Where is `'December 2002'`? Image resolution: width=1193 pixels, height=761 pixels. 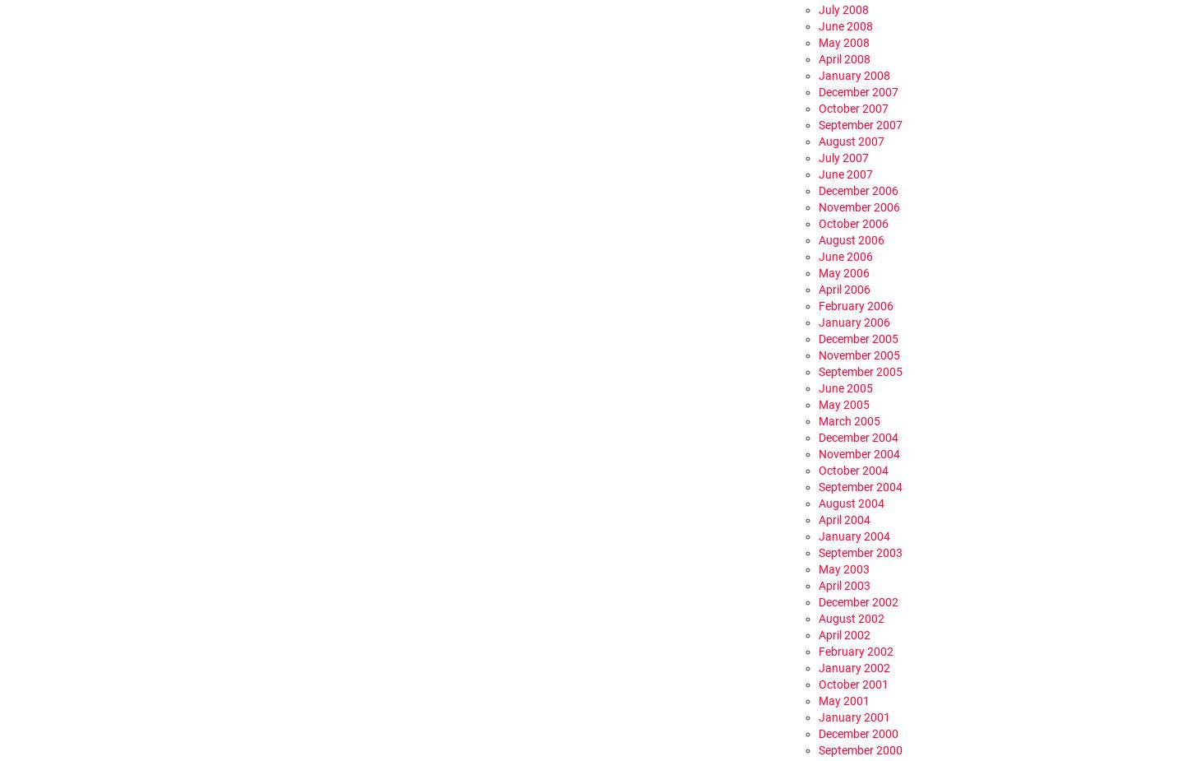 'December 2002' is located at coordinates (818, 601).